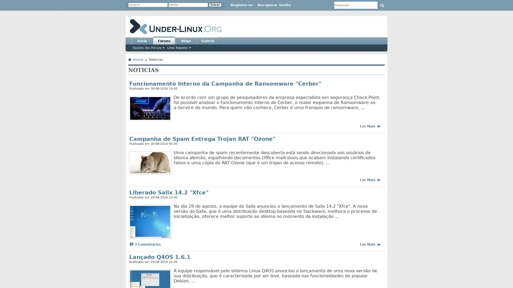  I want to click on Entrar, so click(215, 5).